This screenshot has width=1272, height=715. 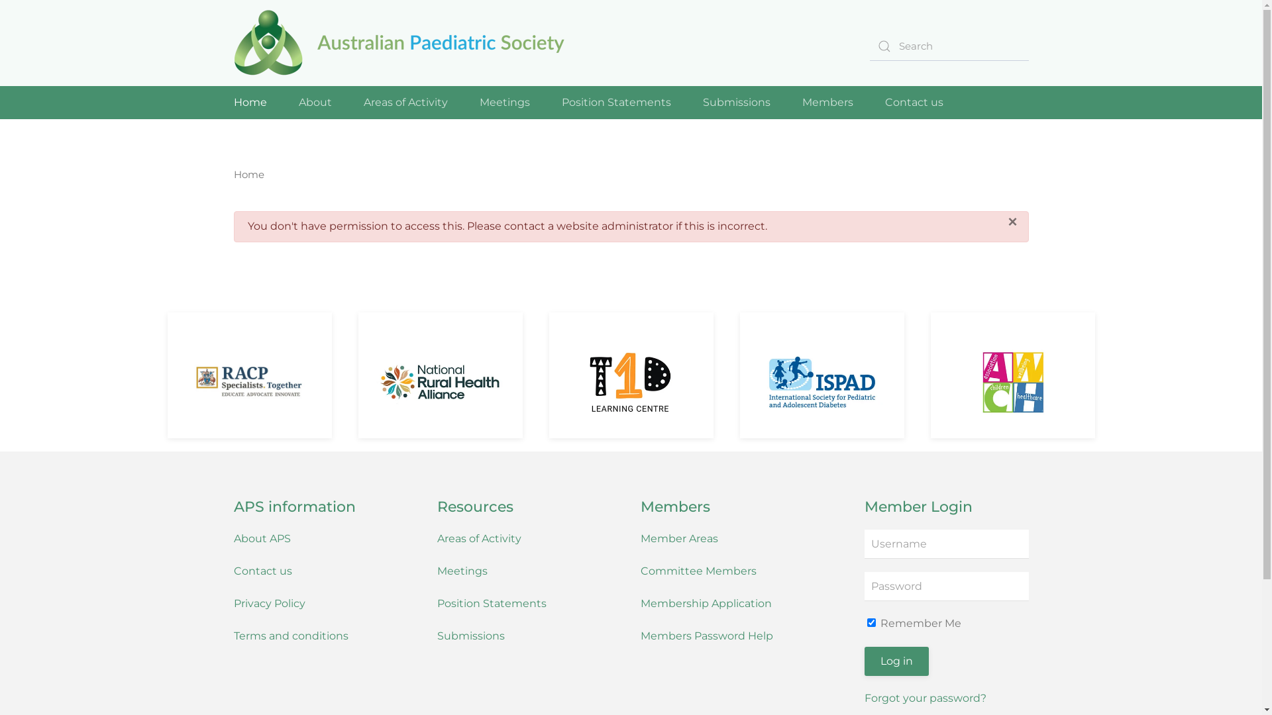 What do you see at coordinates (233, 101) in the screenshot?
I see `'Home'` at bounding box center [233, 101].